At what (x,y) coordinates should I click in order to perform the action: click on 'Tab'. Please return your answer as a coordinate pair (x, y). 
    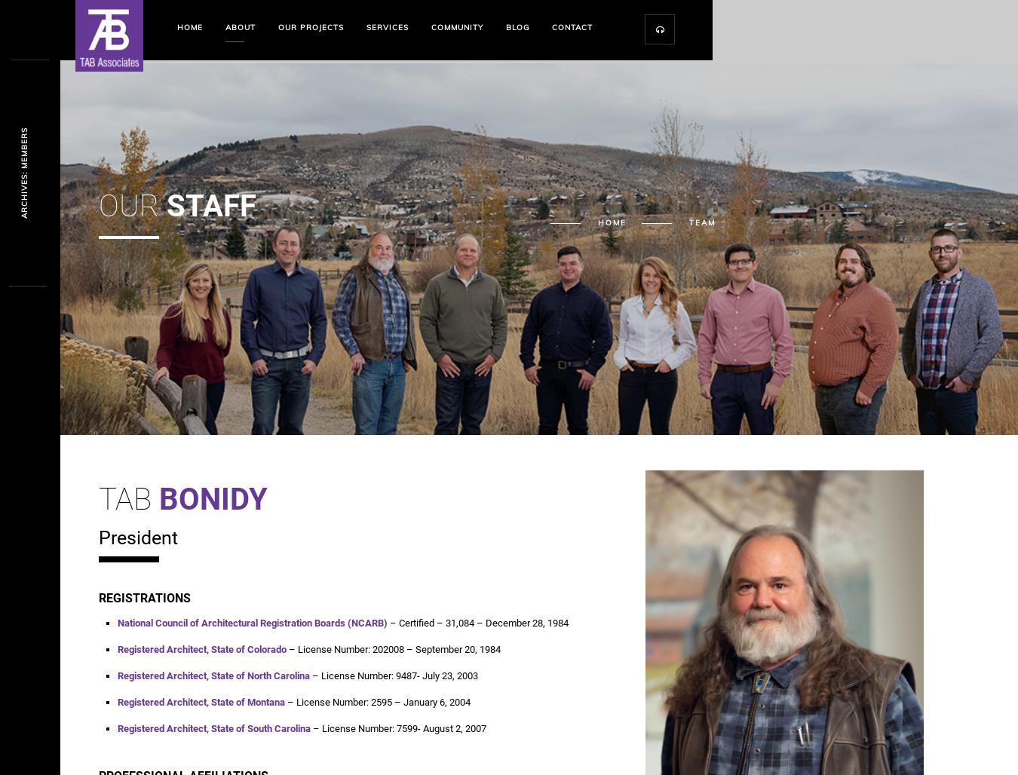
    Looking at the image, I should click on (98, 499).